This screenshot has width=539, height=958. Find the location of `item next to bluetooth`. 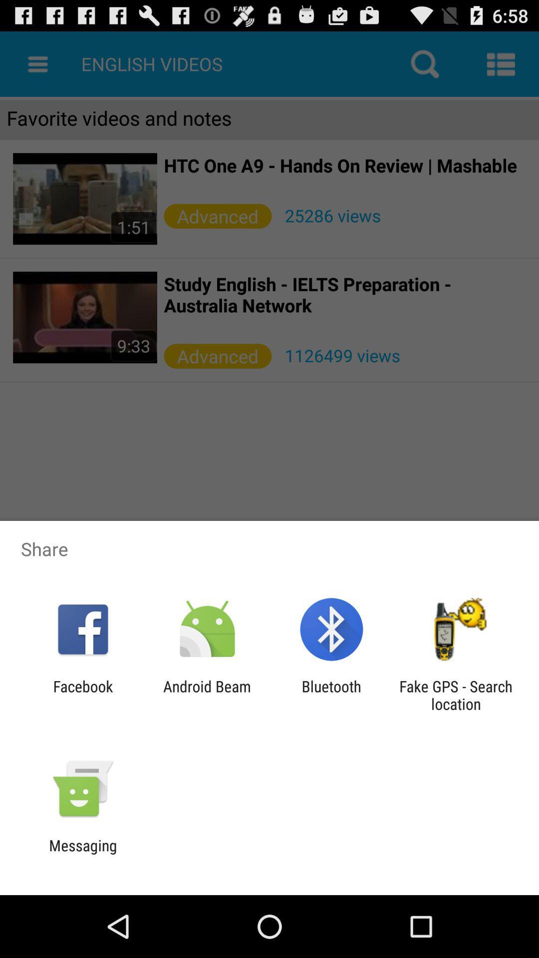

item next to bluetooth is located at coordinates (207, 695).